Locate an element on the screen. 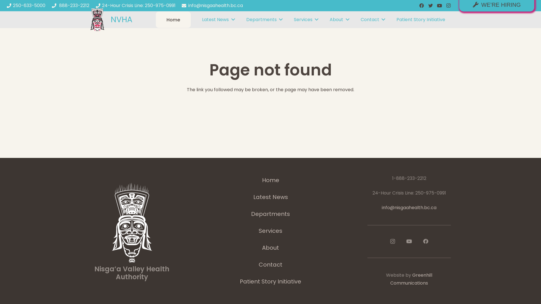 The image size is (541, 304). 'Patient Story Initiative' is located at coordinates (421, 19).